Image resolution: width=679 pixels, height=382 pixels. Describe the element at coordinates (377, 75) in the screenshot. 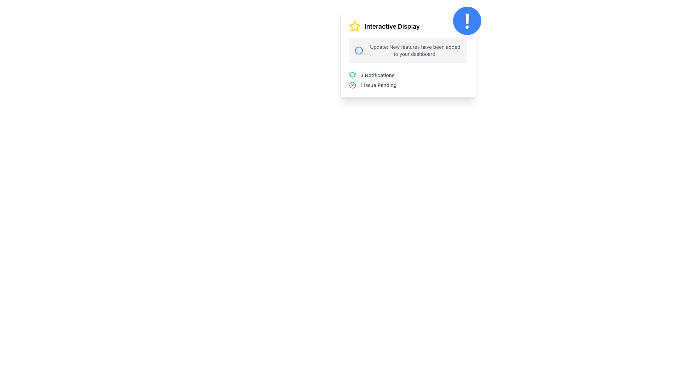

I see `text content displayed as '3 Notifications' in the notification panel, styled in gray with medium font weight` at that location.